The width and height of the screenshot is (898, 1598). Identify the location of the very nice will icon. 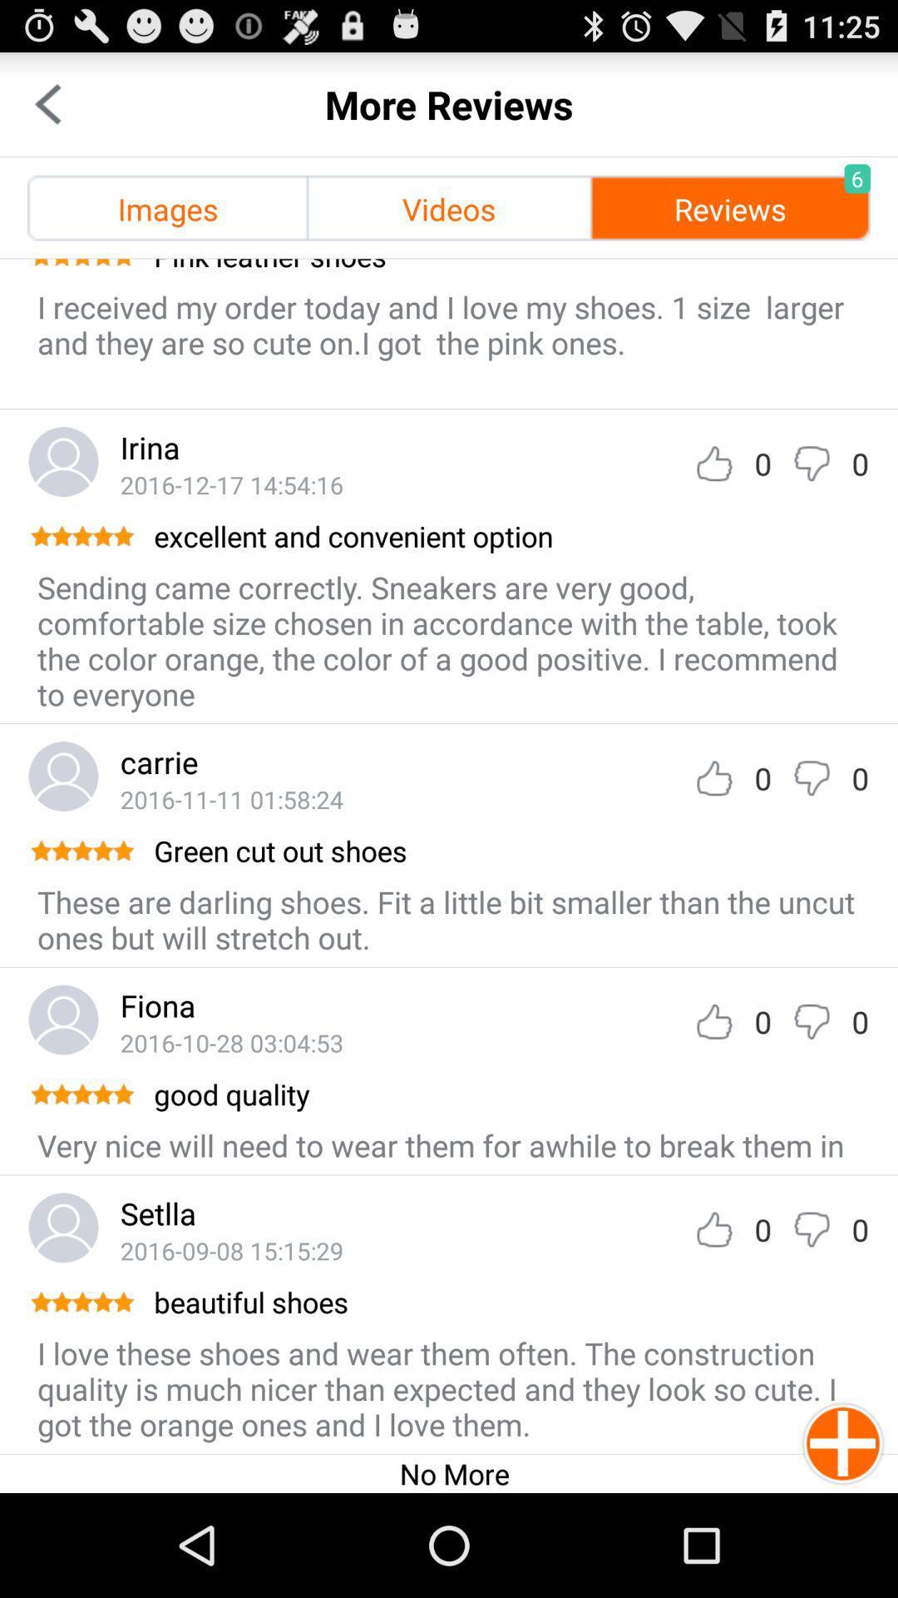
(440, 1144).